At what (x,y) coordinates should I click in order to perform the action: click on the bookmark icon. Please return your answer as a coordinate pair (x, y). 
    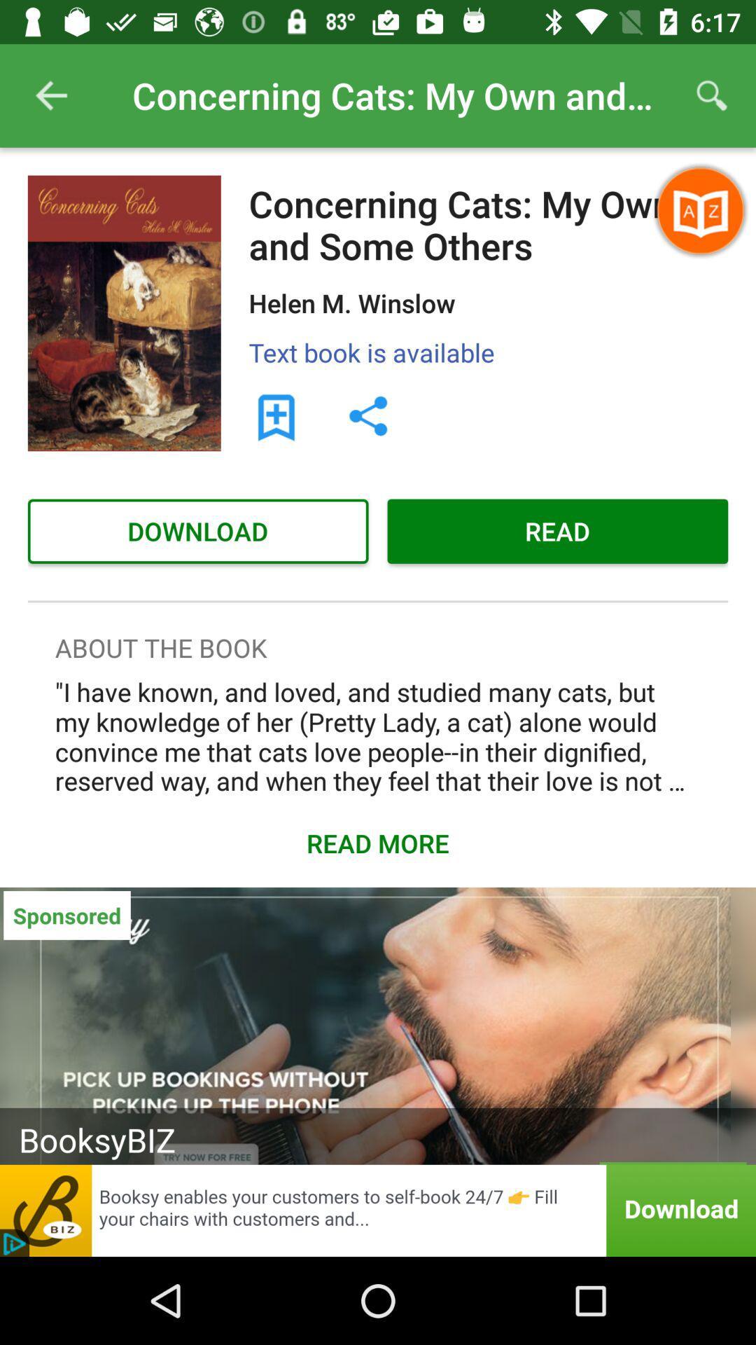
    Looking at the image, I should click on (294, 425).